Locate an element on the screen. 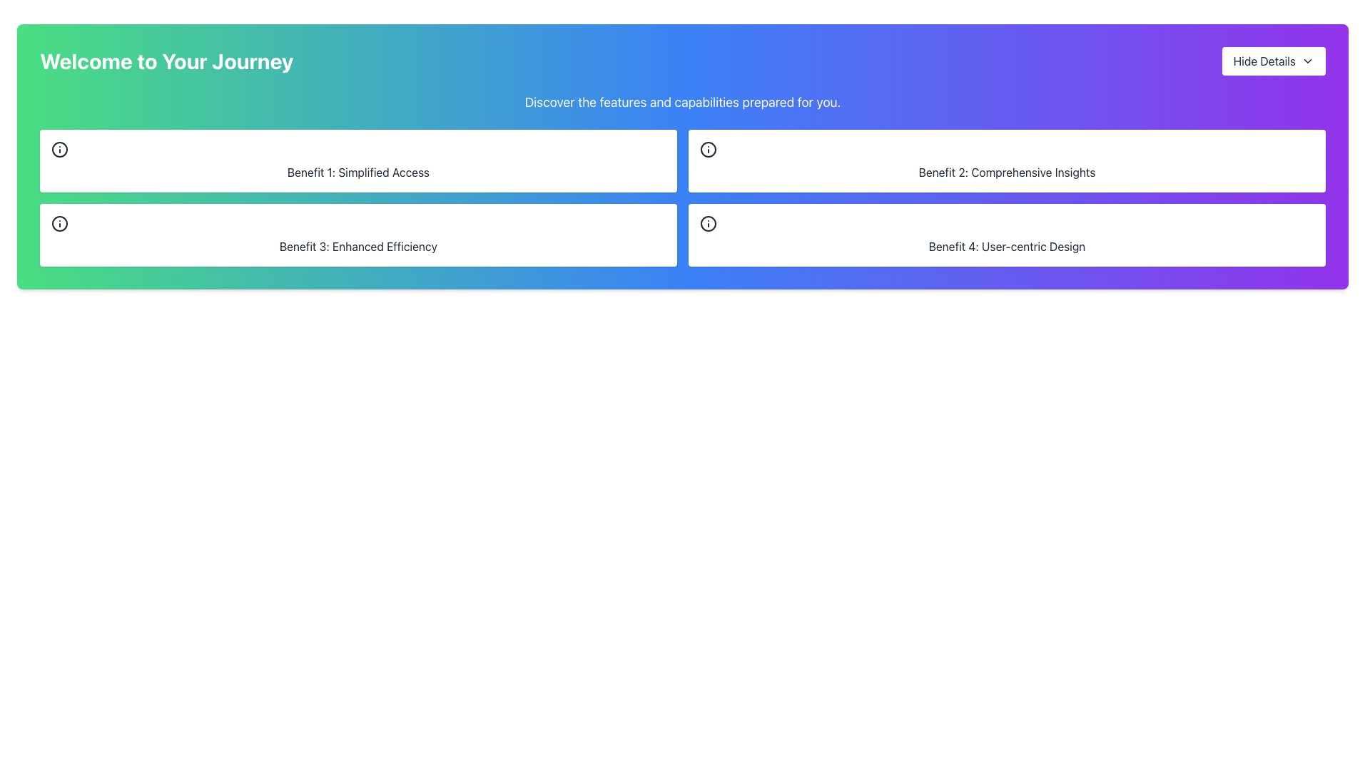  the static text component that presents a specific benefit of the system, located in the second column of the grid layout, aligned with the icon to its left is located at coordinates (1006, 172).